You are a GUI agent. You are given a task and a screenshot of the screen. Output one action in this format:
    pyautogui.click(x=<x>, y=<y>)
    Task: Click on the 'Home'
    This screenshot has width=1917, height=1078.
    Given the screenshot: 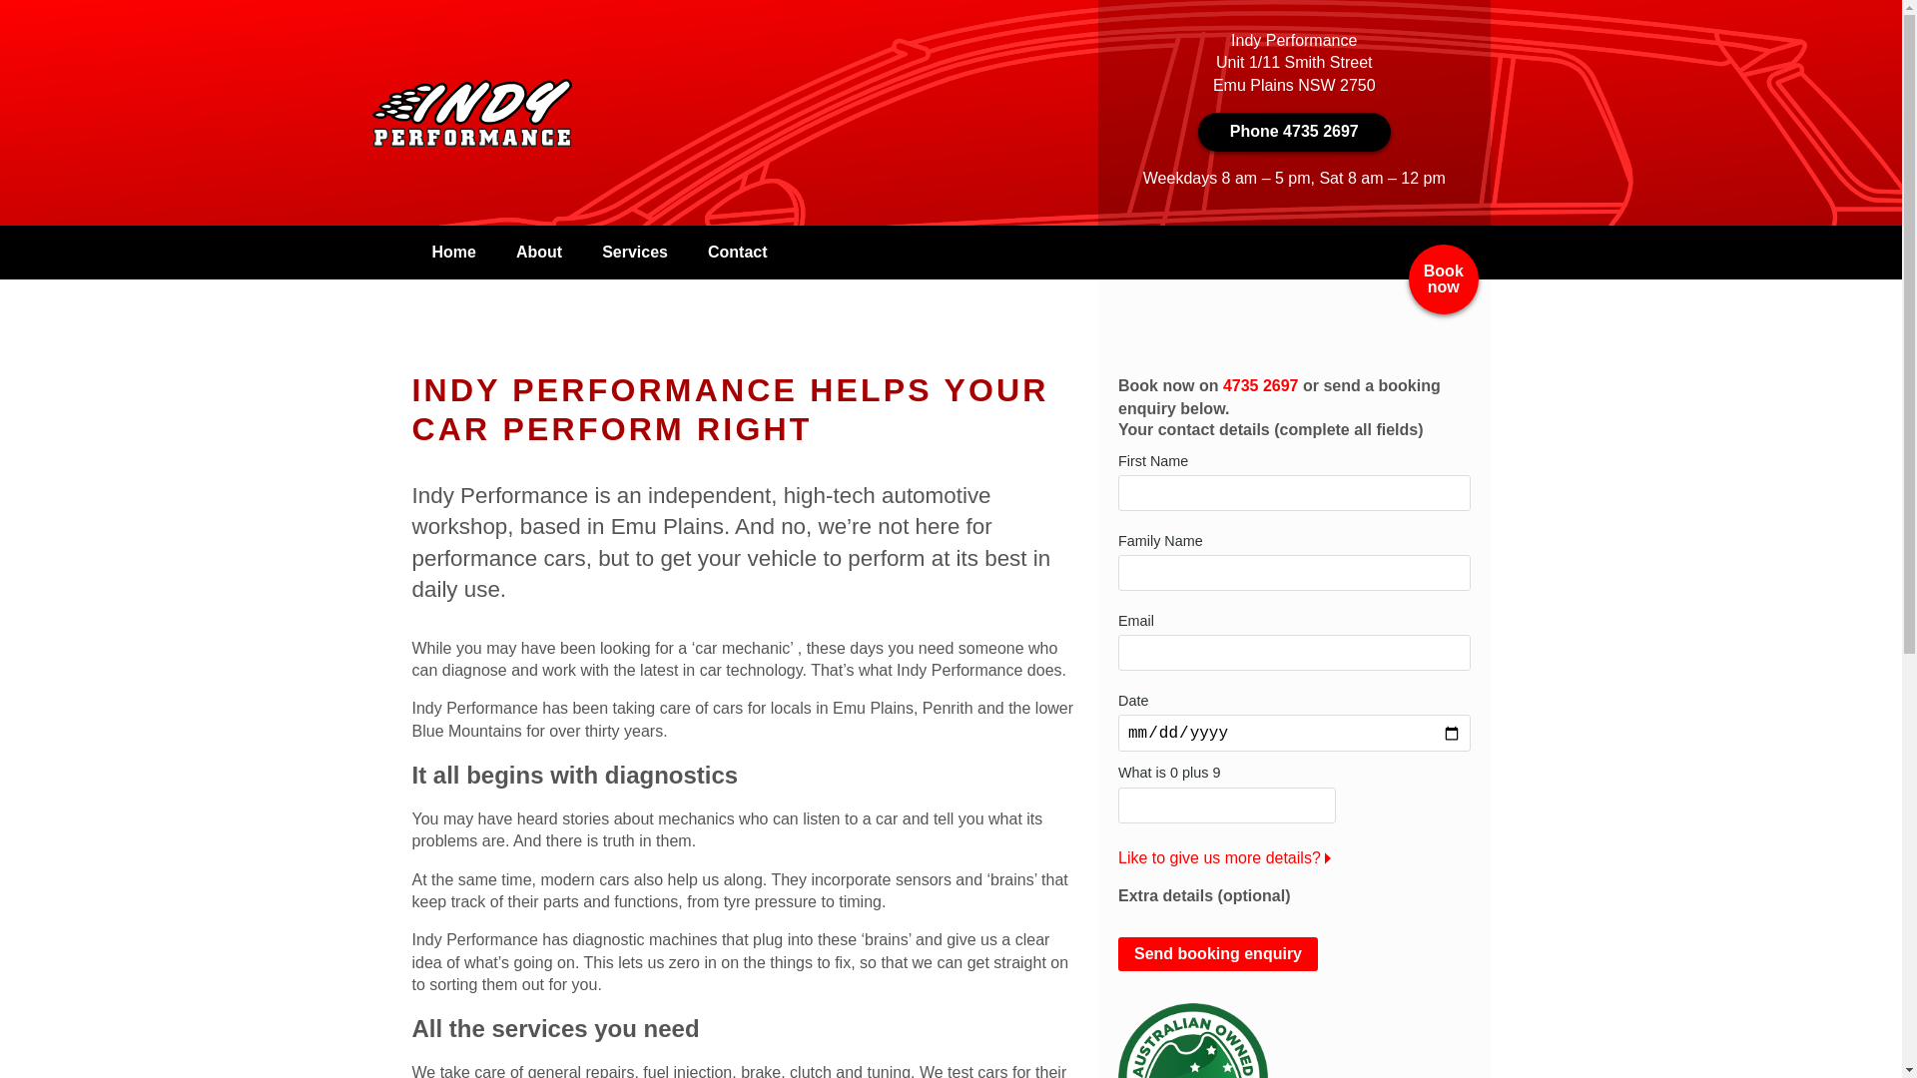 What is the action you would take?
    pyautogui.click(x=452, y=252)
    